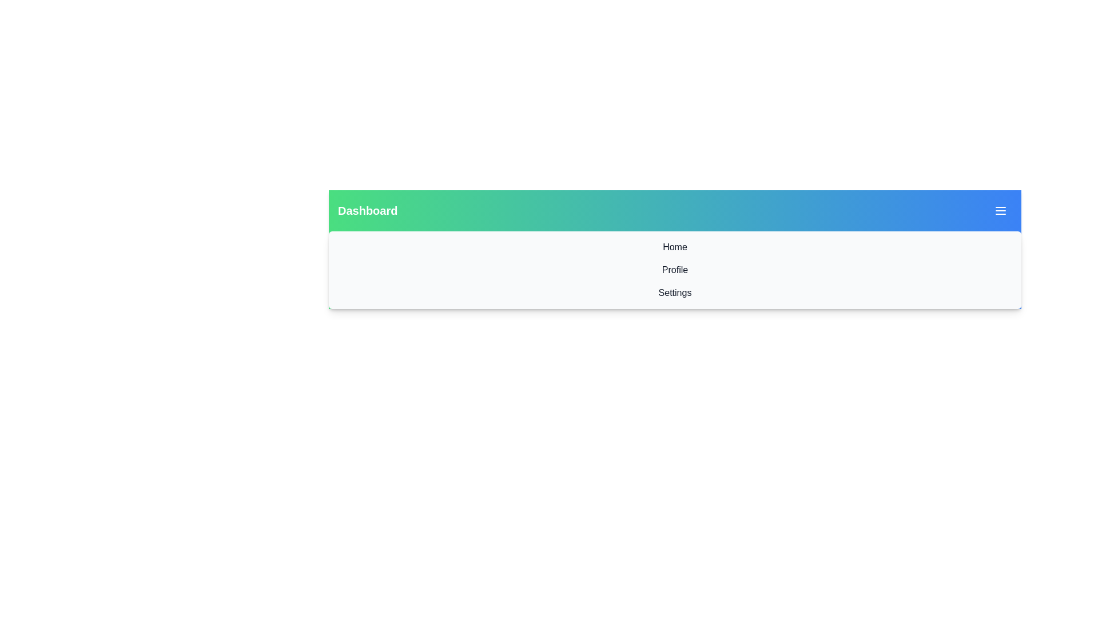 This screenshot has height=617, width=1098. I want to click on the 'Settings' text link in the vertical menu to change its text color, so click(675, 293).